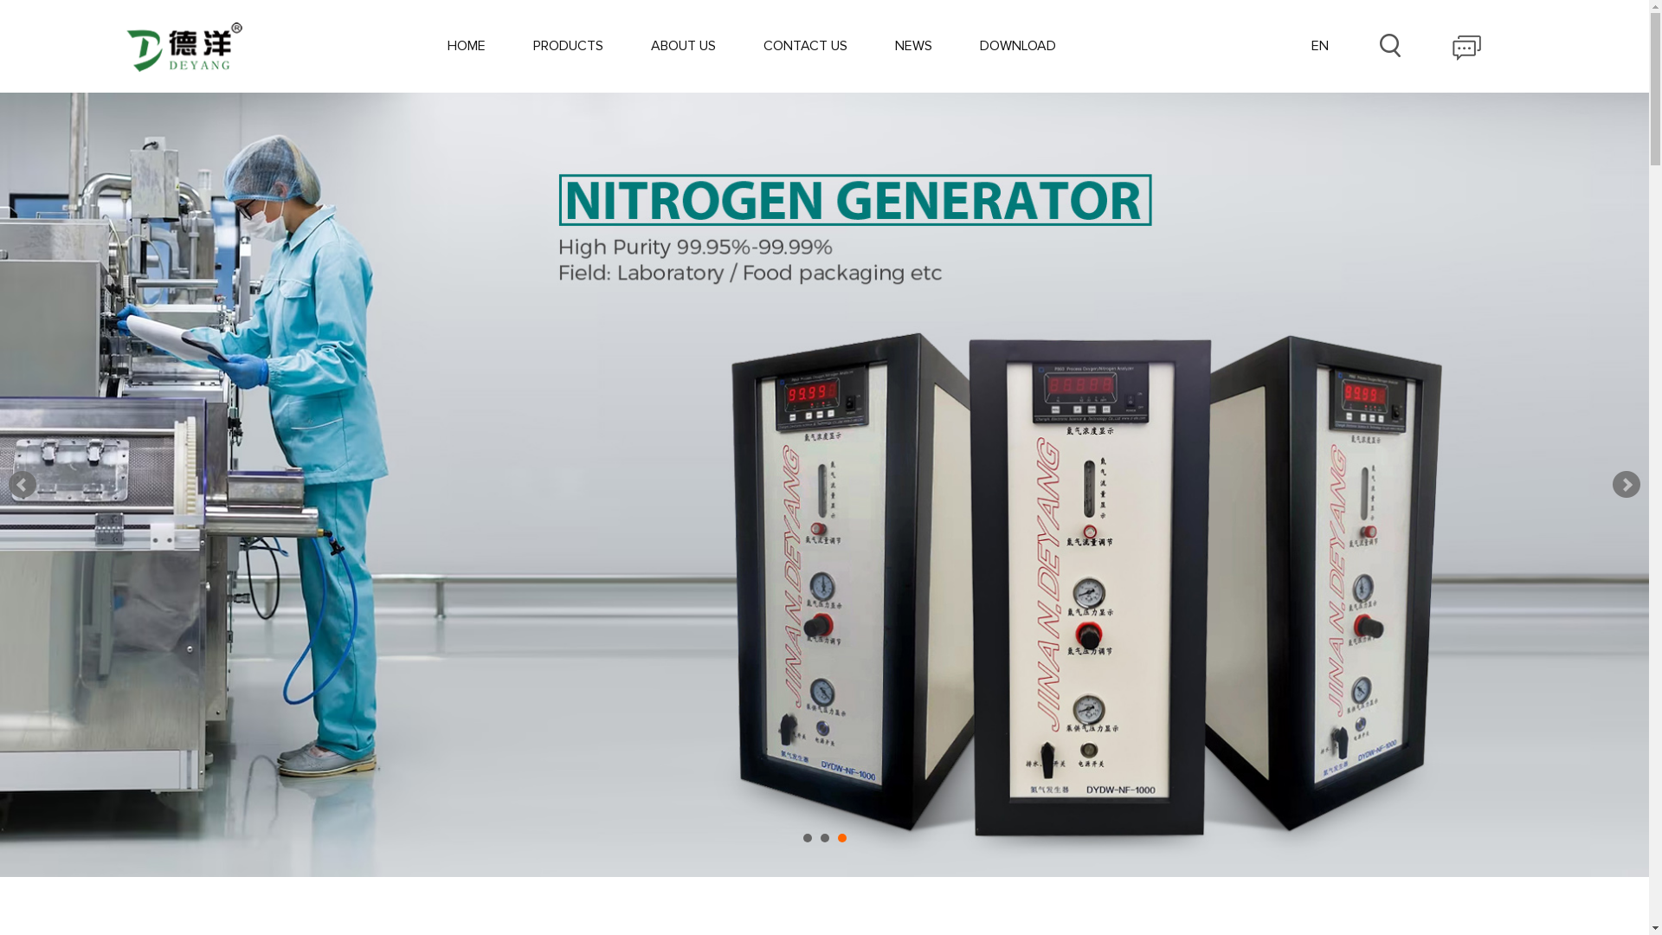 This screenshot has width=1662, height=935. I want to click on 'DOWNLOAD', so click(1018, 45).